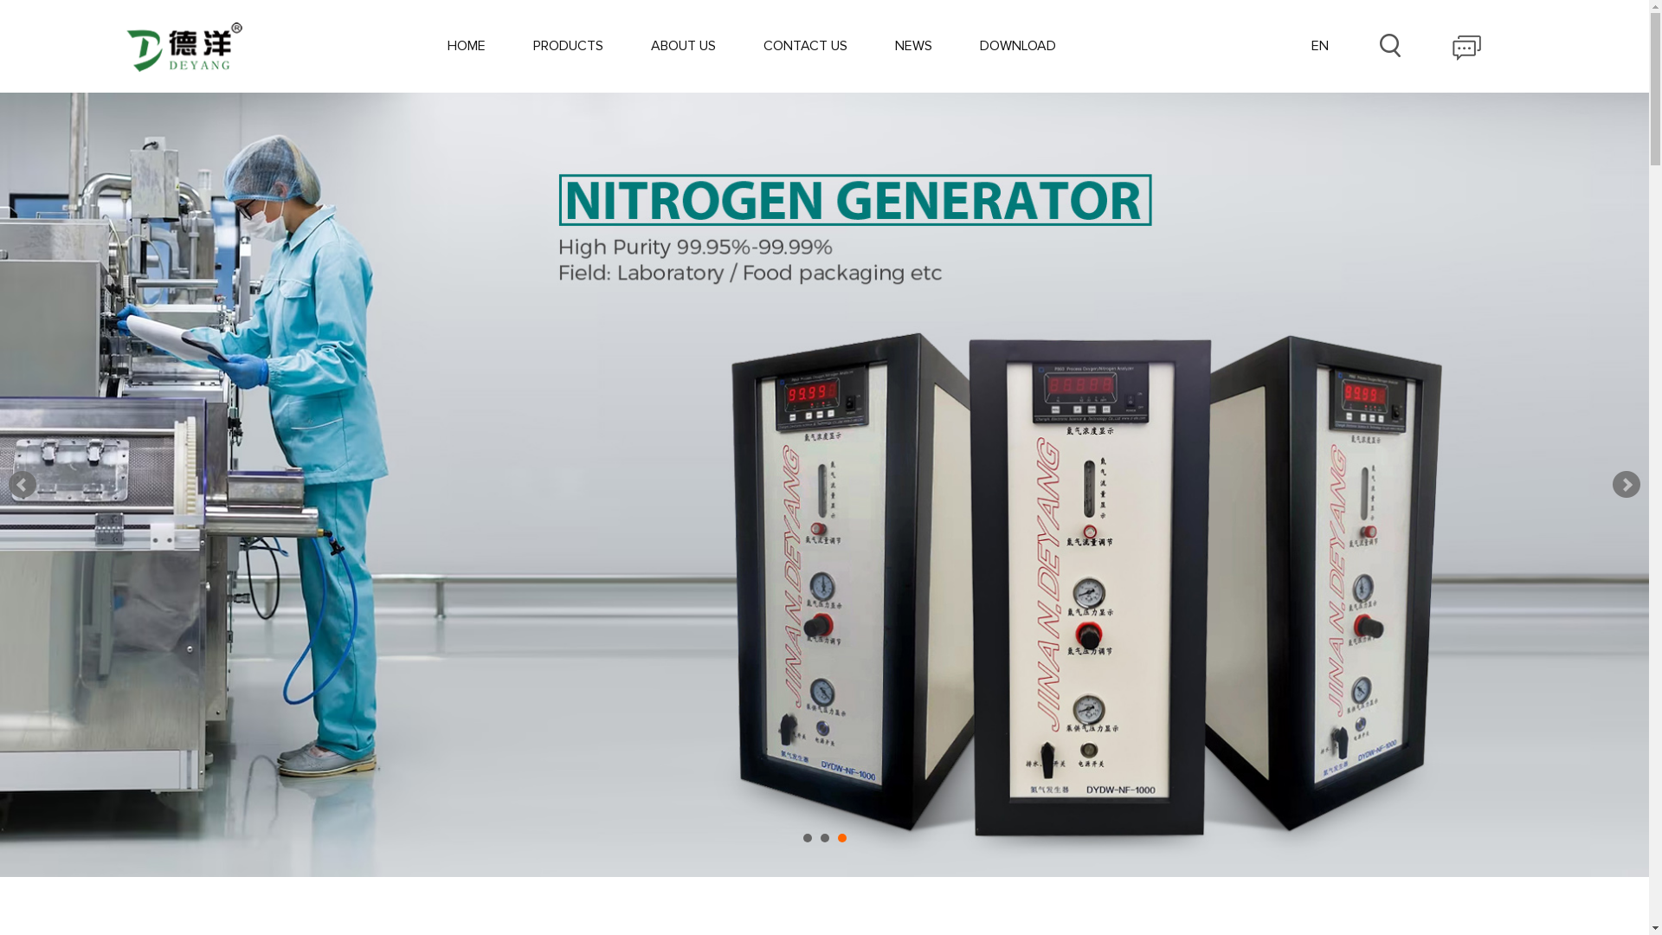 This screenshot has width=1662, height=935. I want to click on 'DOWNLOAD', so click(1018, 45).